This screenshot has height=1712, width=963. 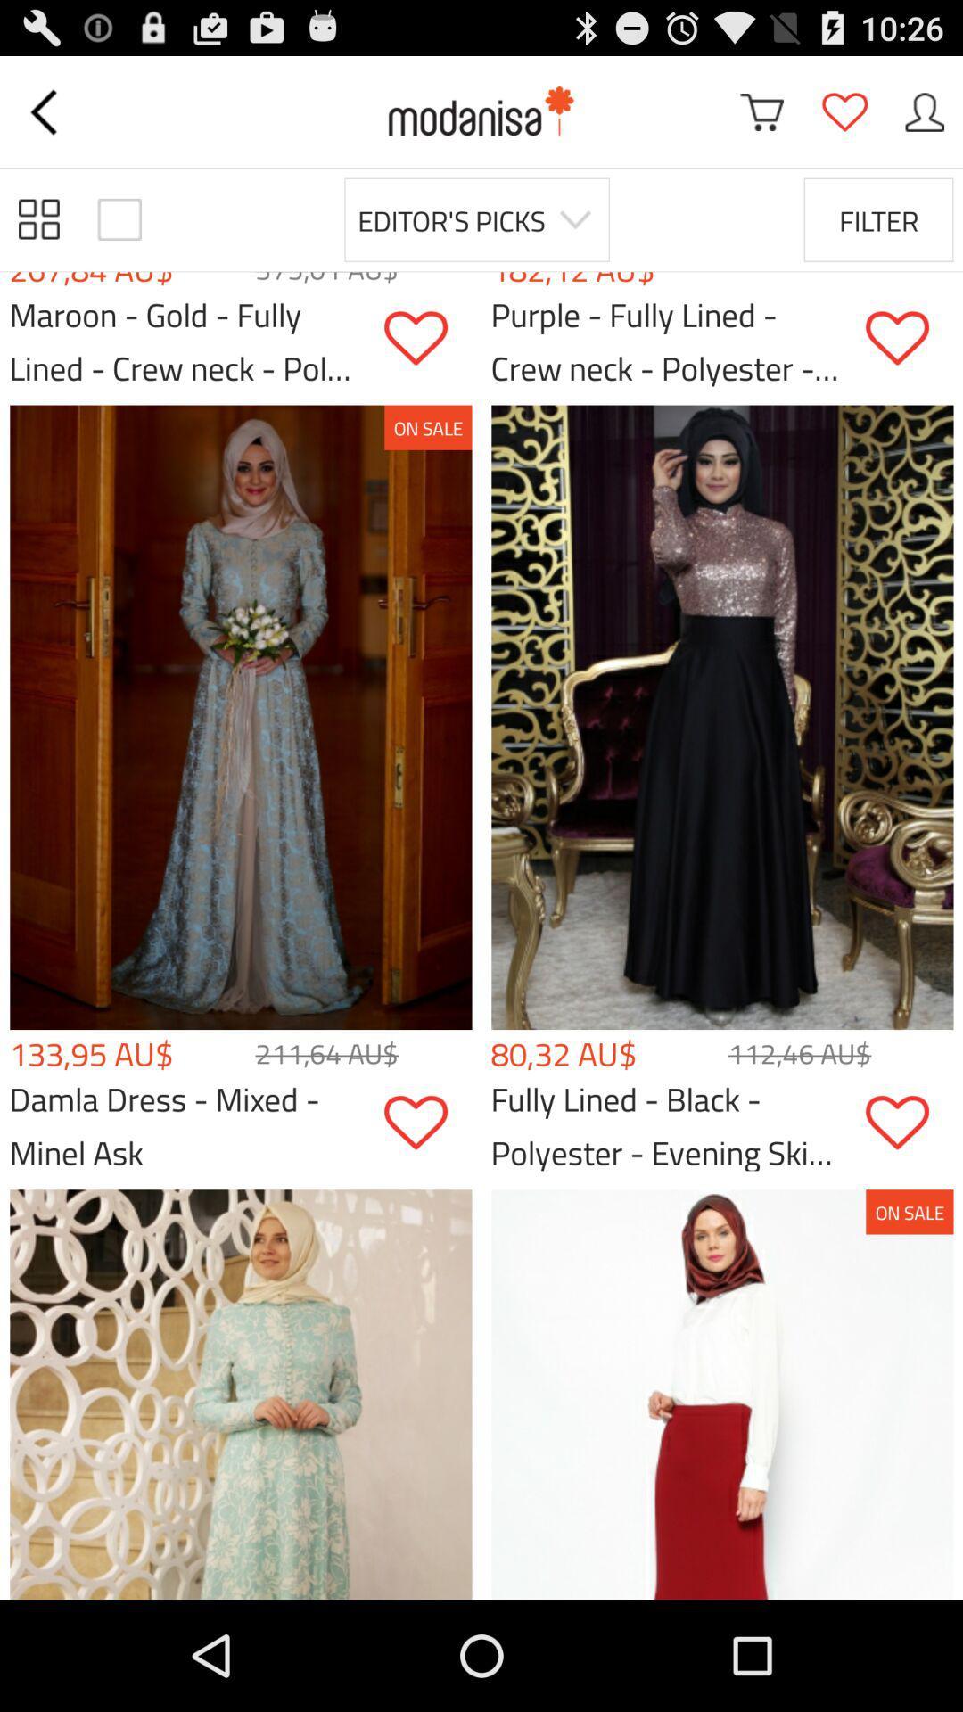 What do you see at coordinates (909, 1122) in the screenshot?
I see `share the likes` at bounding box center [909, 1122].